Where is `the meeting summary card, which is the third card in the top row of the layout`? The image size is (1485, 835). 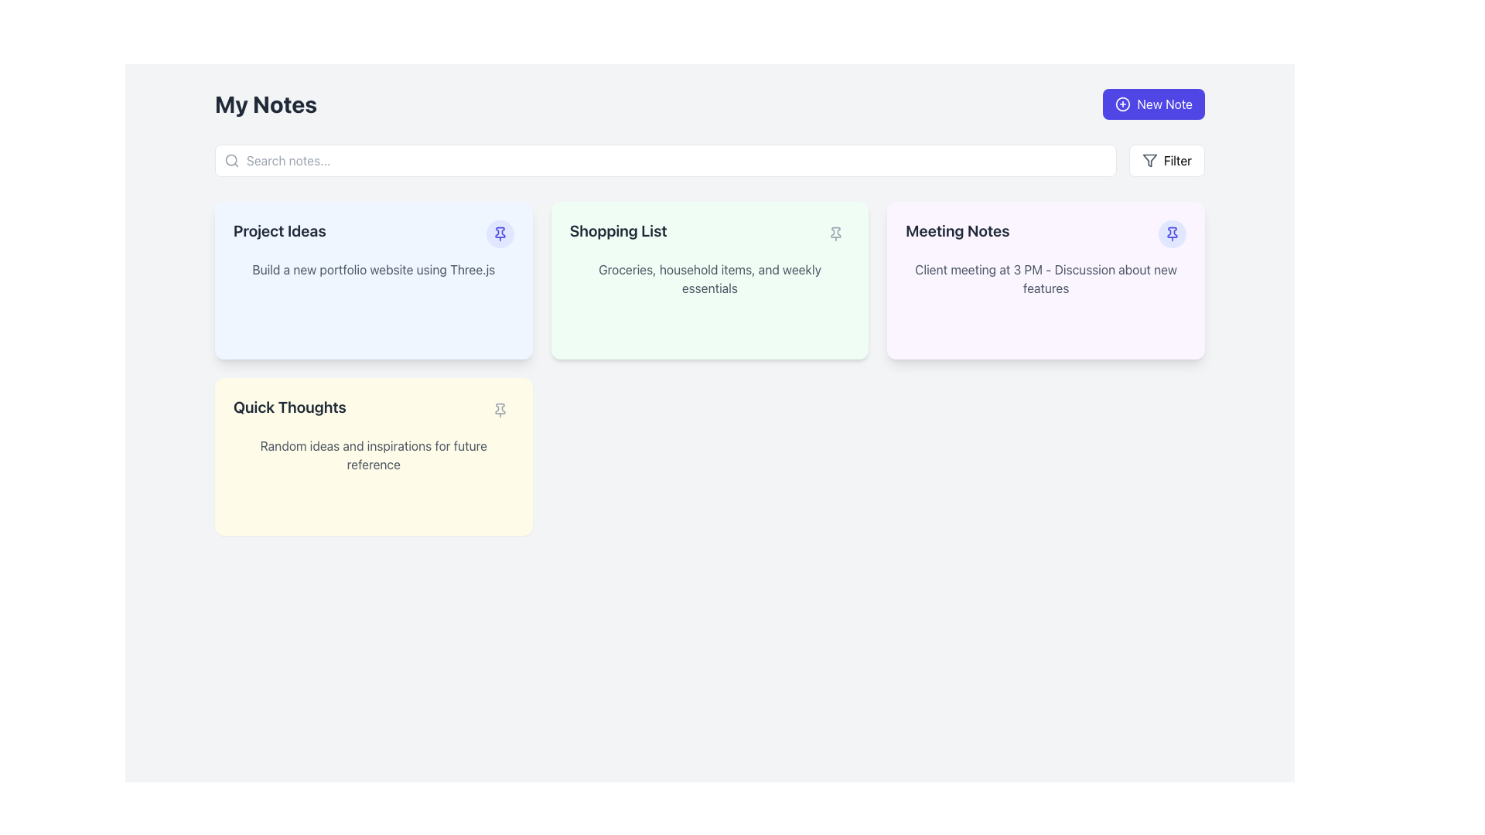
the meeting summary card, which is the third card in the top row of the layout is located at coordinates (1046, 280).